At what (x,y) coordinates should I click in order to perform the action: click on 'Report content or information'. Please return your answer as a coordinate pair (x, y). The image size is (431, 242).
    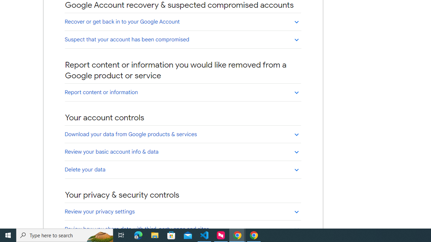
    Looking at the image, I should click on (183, 92).